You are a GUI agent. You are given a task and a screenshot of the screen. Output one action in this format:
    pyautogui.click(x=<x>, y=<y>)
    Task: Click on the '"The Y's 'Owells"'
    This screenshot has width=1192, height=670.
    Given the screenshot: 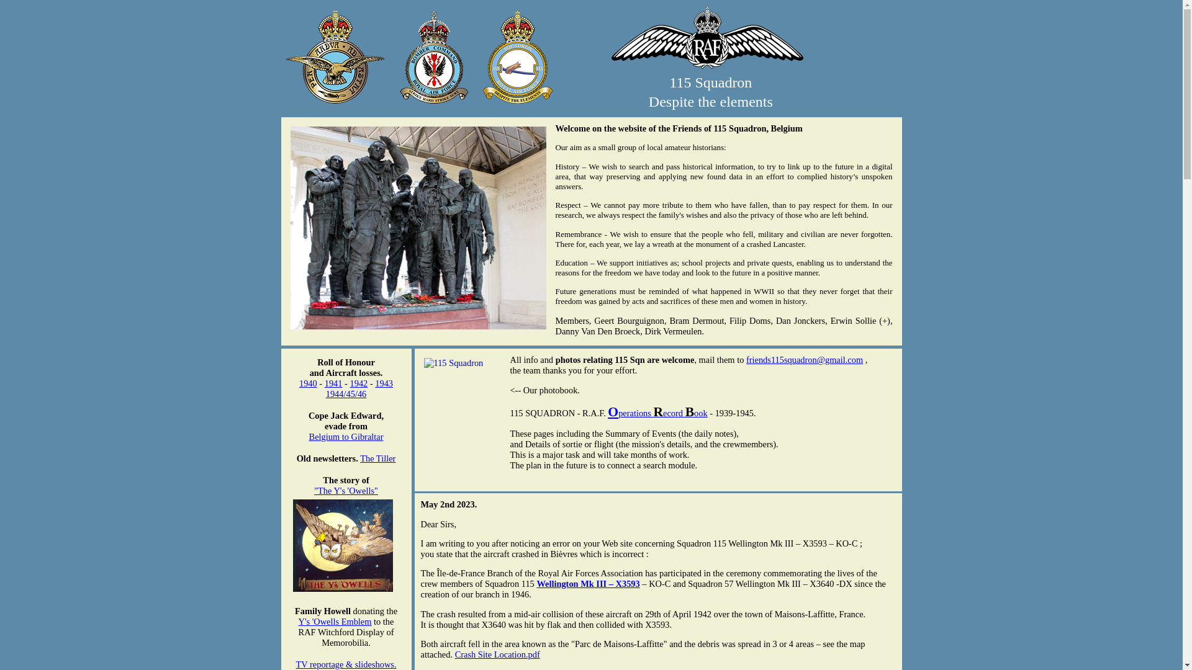 What is the action you would take?
    pyautogui.click(x=314, y=489)
    